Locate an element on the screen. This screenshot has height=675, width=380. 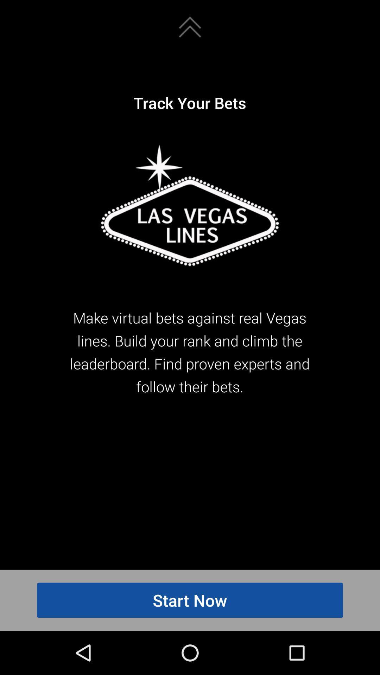
the start now is located at coordinates (190, 600).